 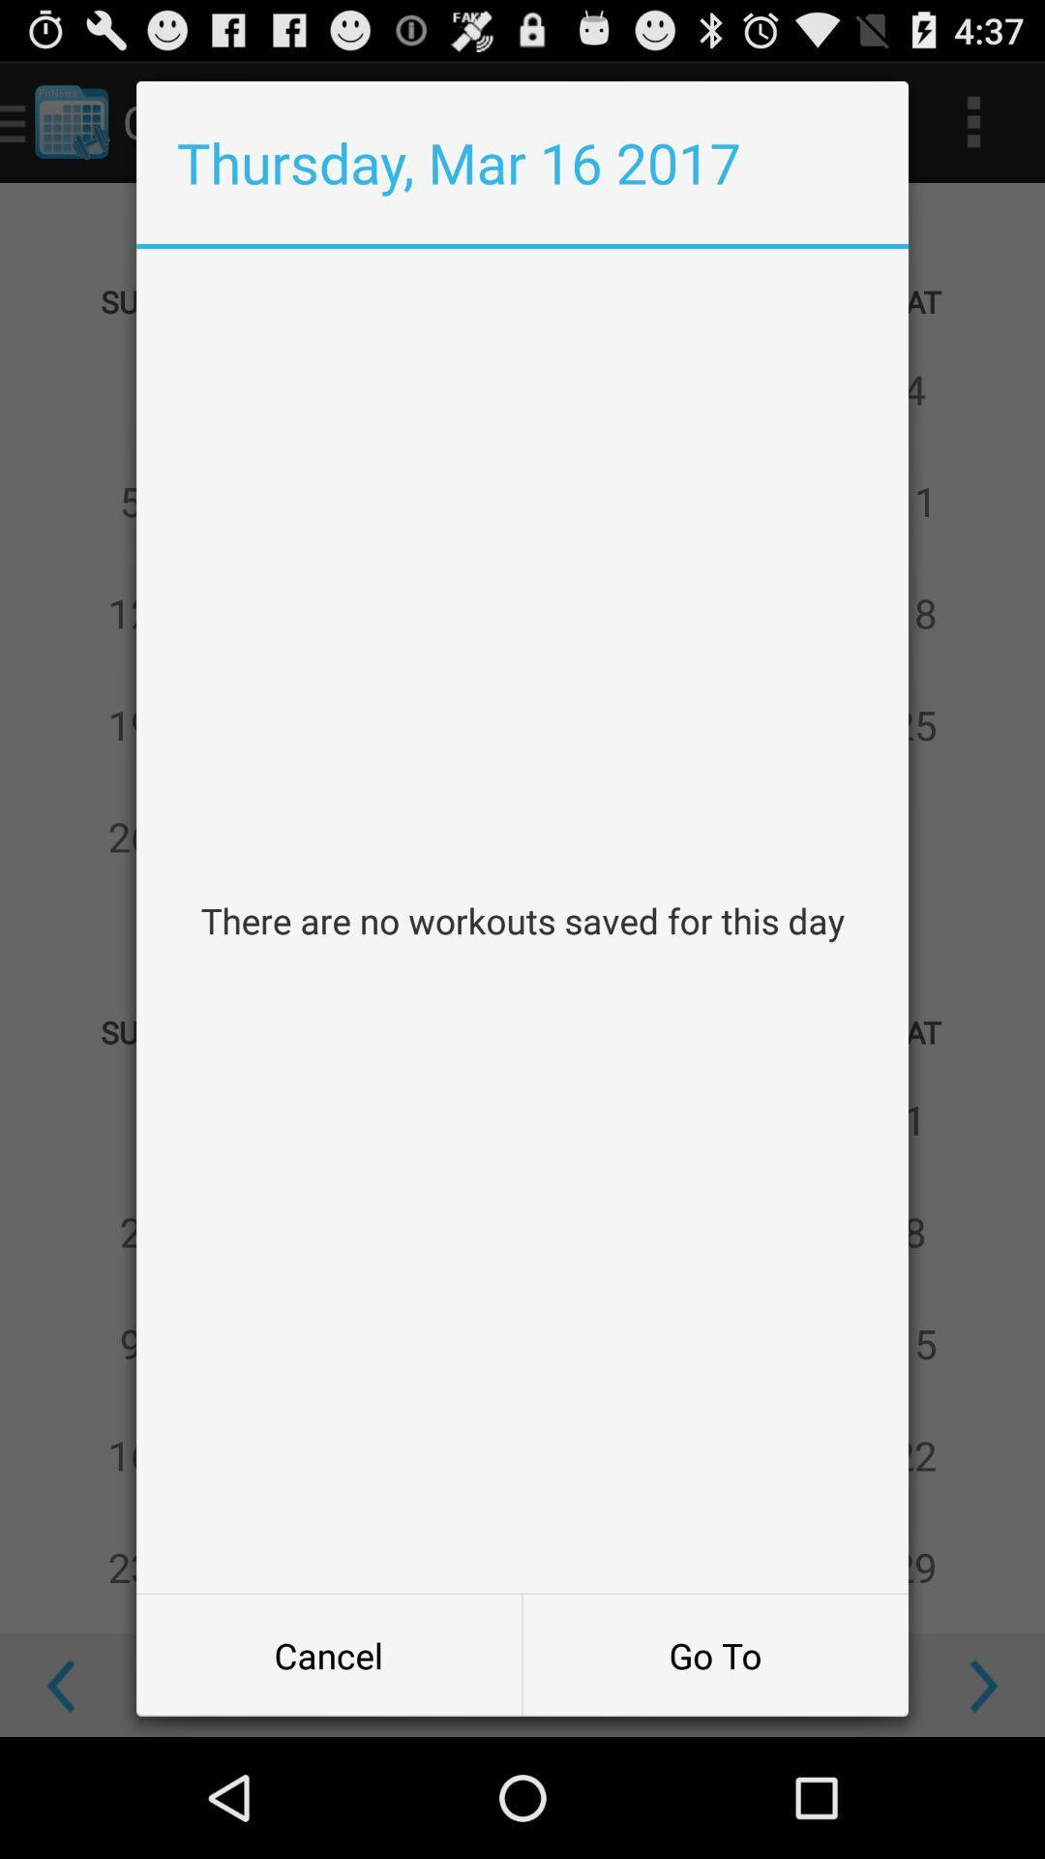 I want to click on icon below the there are no icon, so click(x=328, y=1654).